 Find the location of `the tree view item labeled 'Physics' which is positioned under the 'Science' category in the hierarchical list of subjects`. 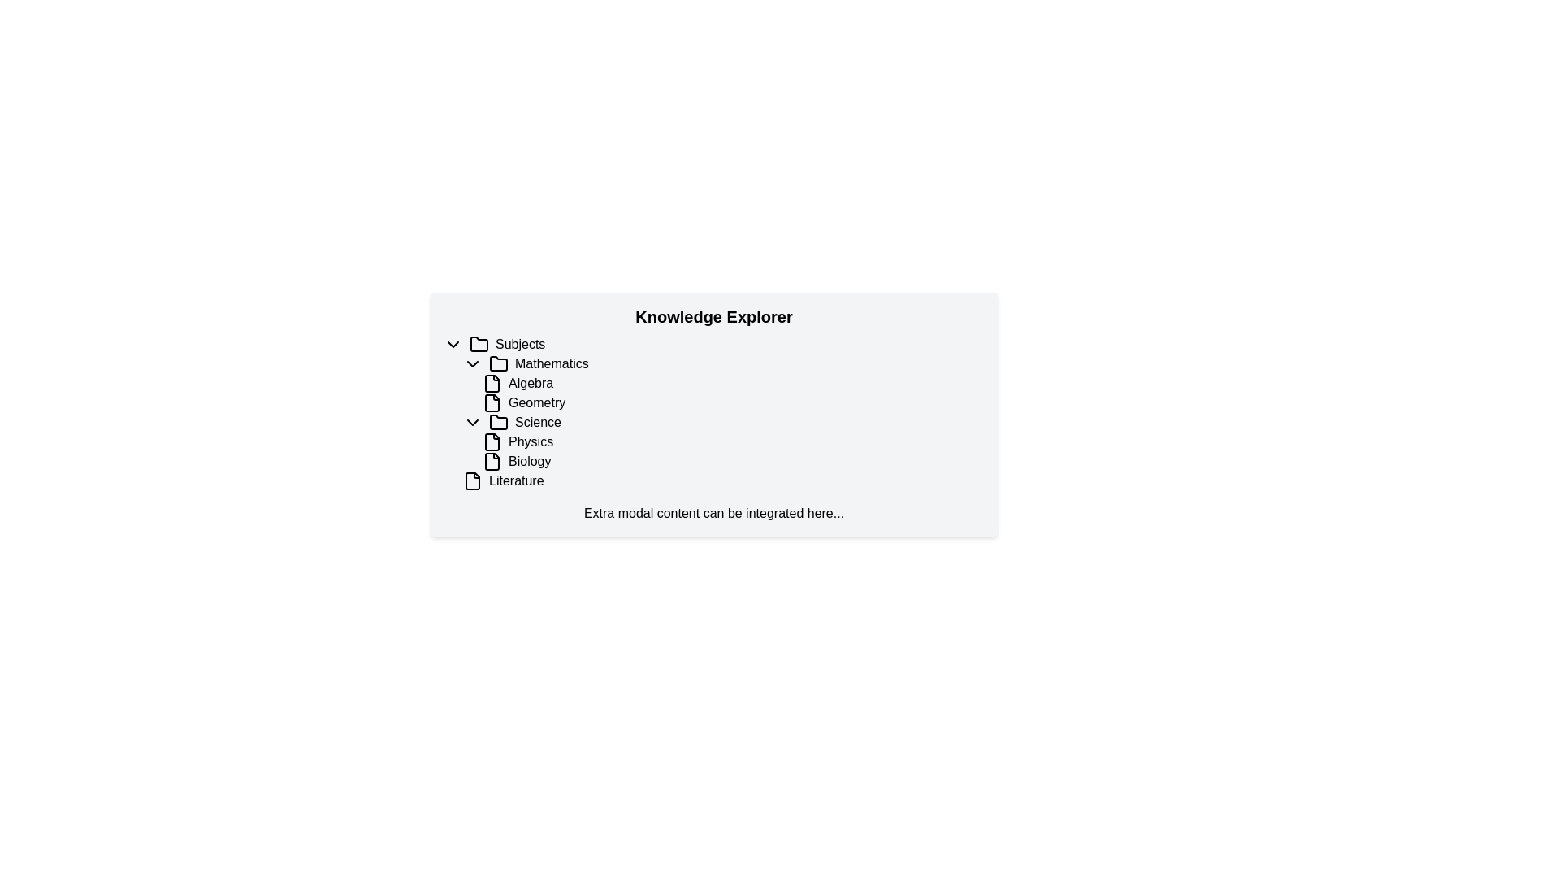

the tree view item labeled 'Physics' which is positioned under the 'Science' category in the hierarchical list of subjects is located at coordinates (531, 441).